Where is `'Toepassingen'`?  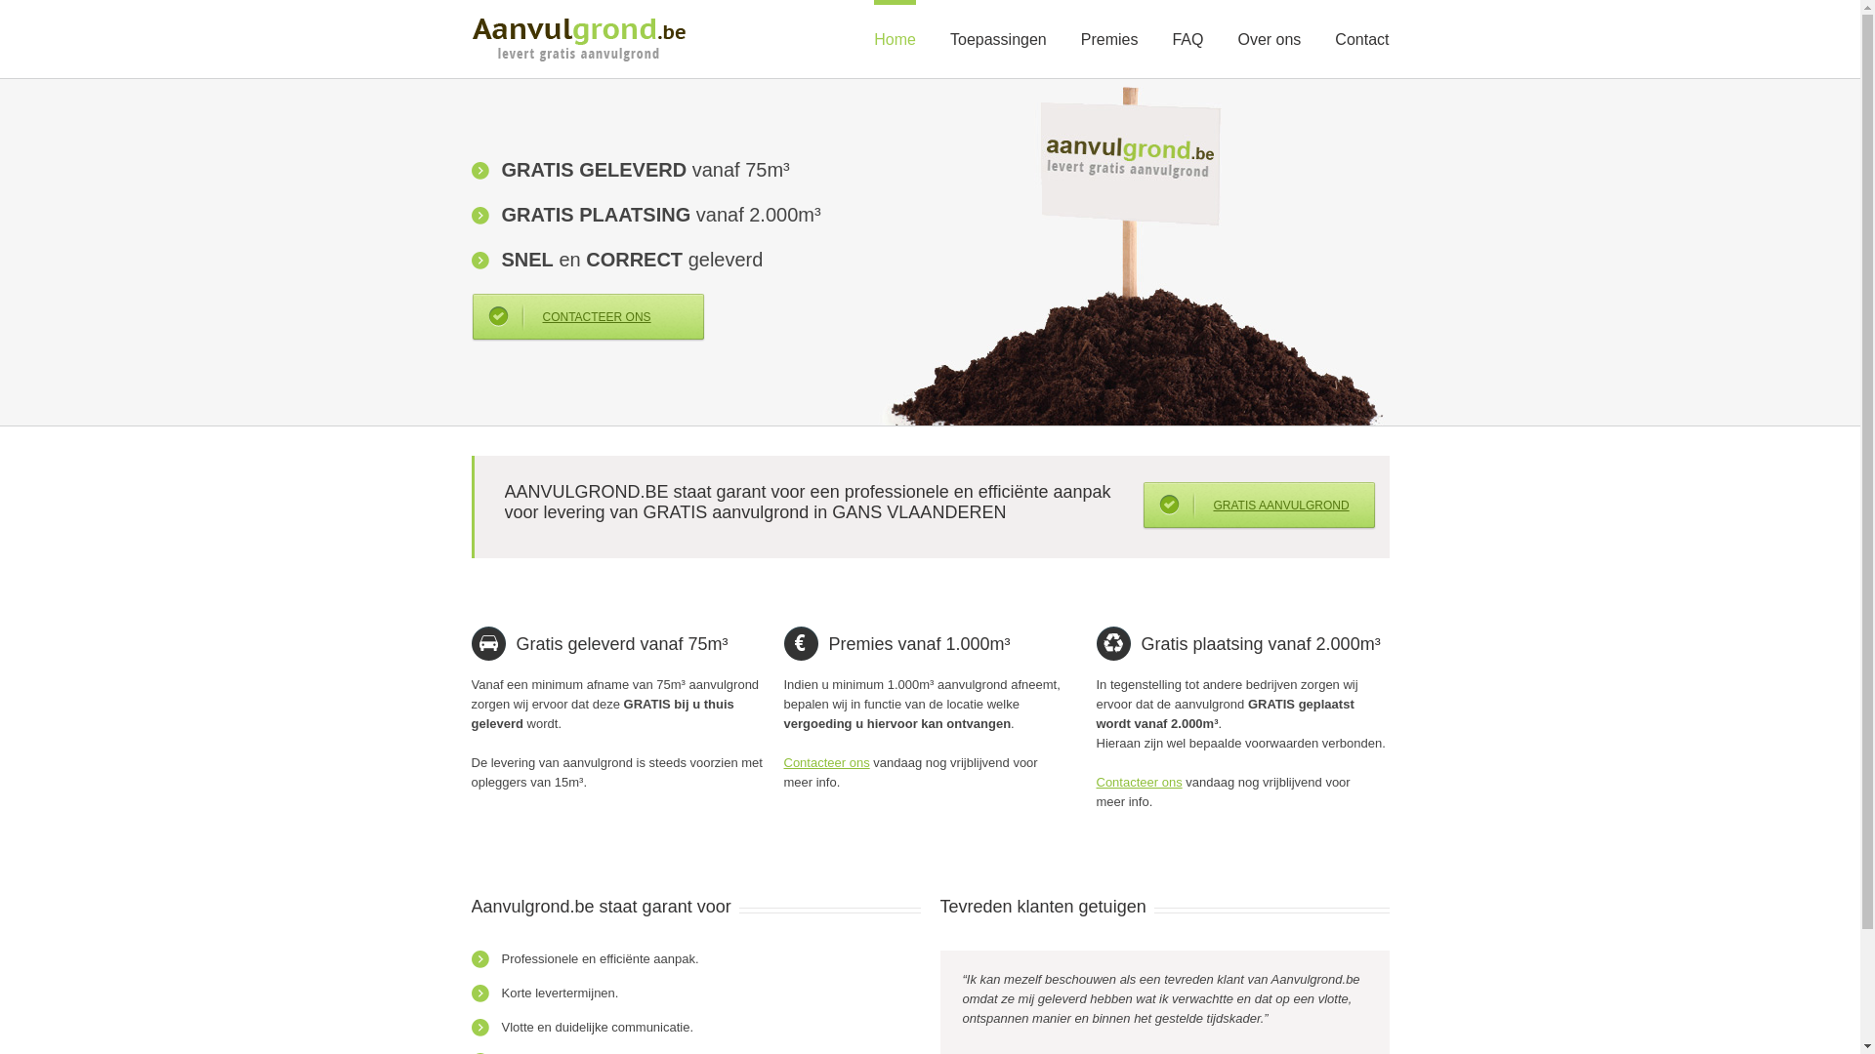 'Toepassingen' is located at coordinates (998, 23).